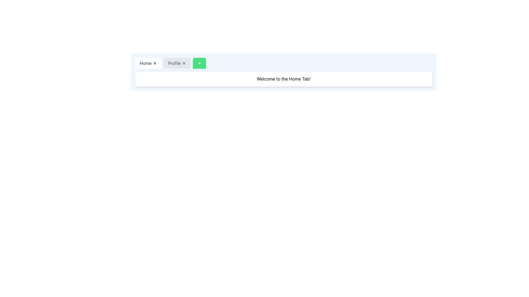 Image resolution: width=529 pixels, height=297 pixels. What do you see at coordinates (177, 63) in the screenshot?
I see `the 'Profile' tab located in the second position from the left in the tab group` at bounding box center [177, 63].